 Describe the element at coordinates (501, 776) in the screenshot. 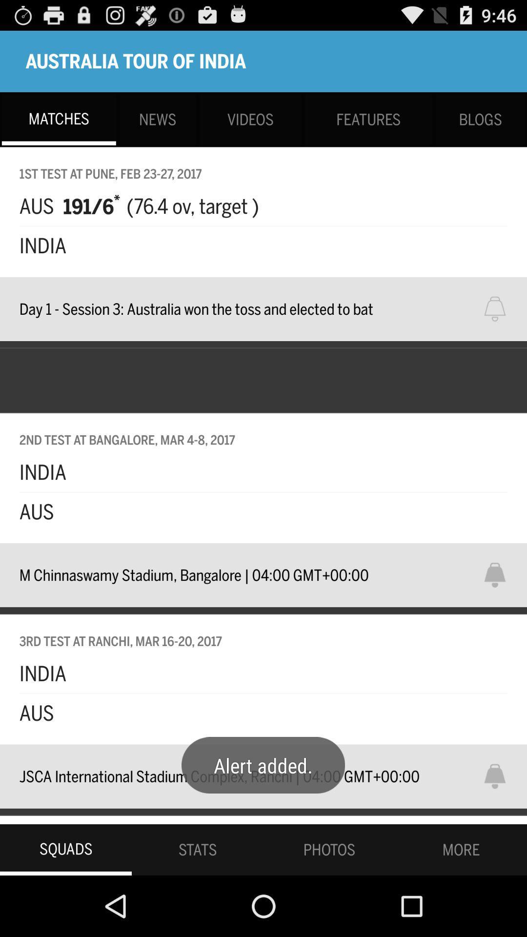

I see `alert` at that location.